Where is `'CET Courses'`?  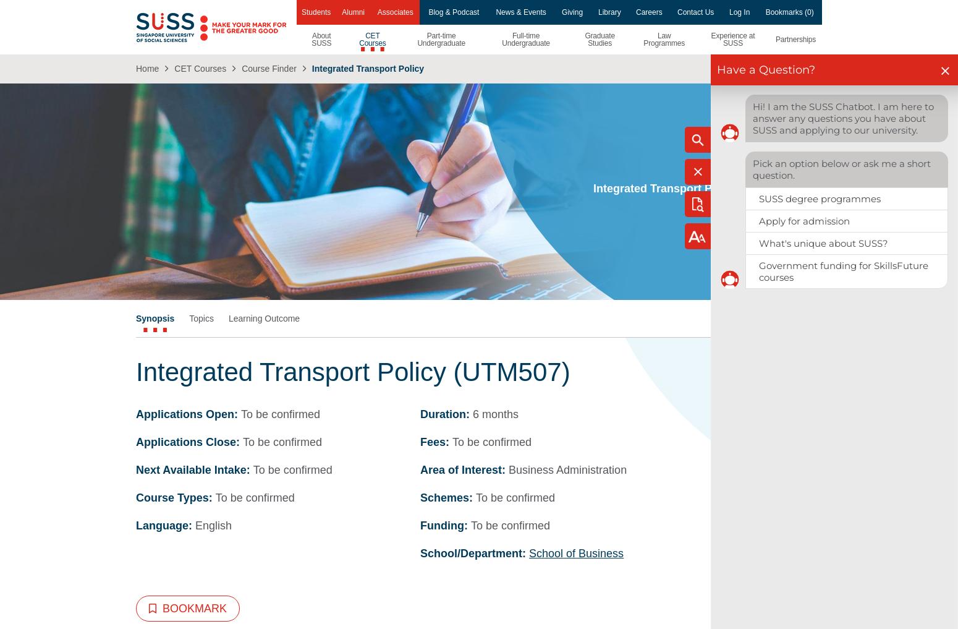 'CET Courses' is located at coordinates (199, 68).